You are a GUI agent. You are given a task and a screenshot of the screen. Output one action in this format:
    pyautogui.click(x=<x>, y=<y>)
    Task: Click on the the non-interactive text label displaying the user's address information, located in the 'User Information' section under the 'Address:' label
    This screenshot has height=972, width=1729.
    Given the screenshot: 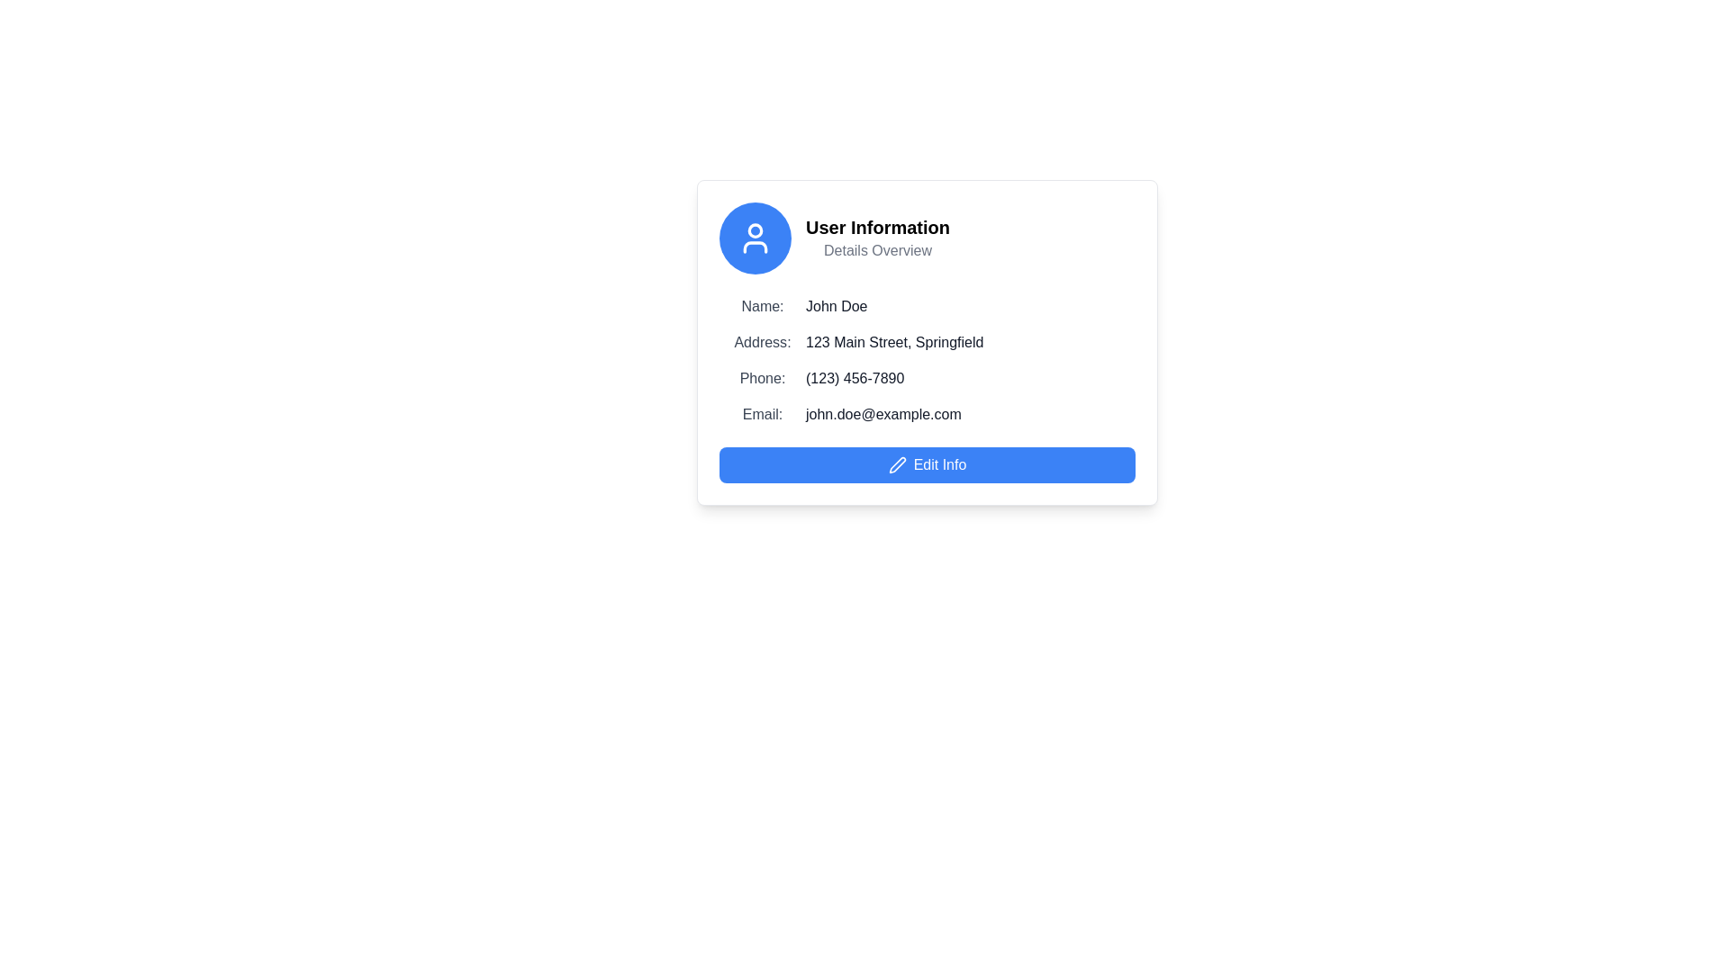 What is the action you would take?
    pyautogui.click(x=894, y=343)
    